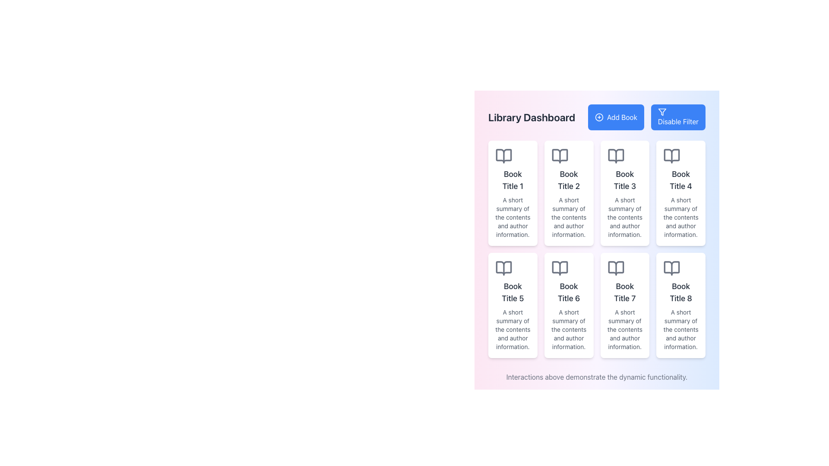 The width and height of the screenshot is (829, 466). Describe the element at coordinates (680, 329) in the screenshot. I see `the text component displaying 'A short summary of the contents and author information.' located within the card of 'Book Title 8' in the bottom right corner of a 4x2 grid layout` at that location.